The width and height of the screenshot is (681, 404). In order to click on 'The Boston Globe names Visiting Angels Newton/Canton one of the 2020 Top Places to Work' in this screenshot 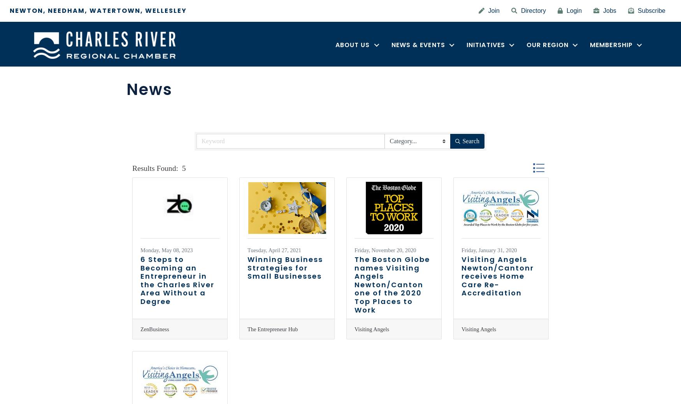, I will do `click(354, 284)`.